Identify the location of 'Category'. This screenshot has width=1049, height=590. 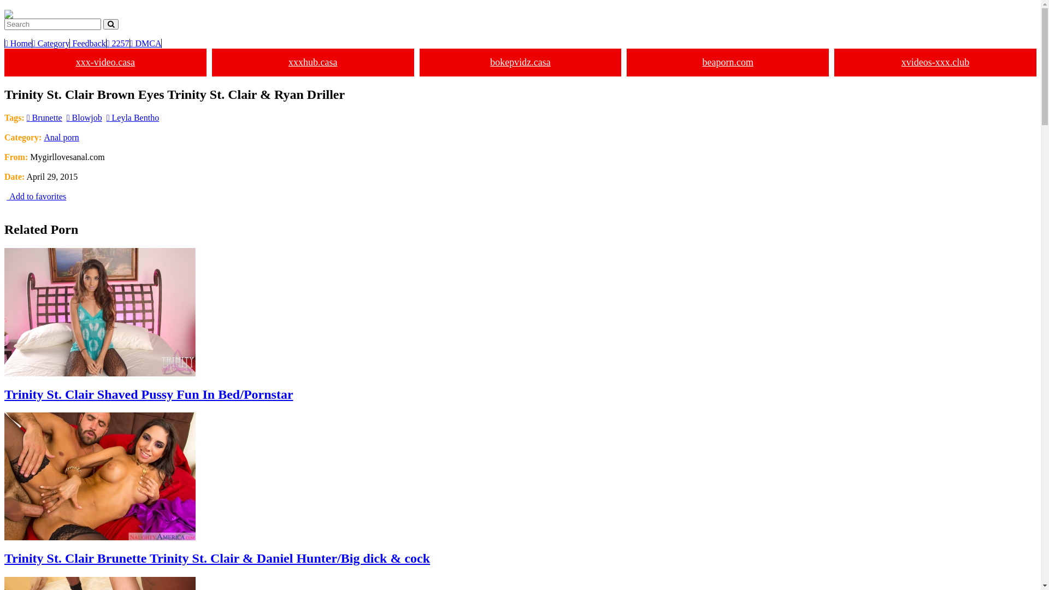
(32, 43).